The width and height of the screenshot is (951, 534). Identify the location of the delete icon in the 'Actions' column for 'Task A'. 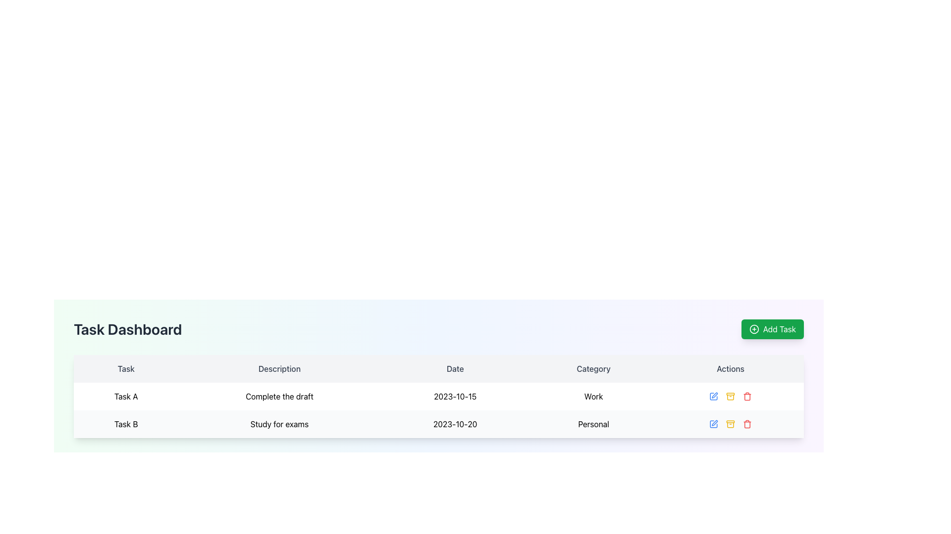
(747, 423).